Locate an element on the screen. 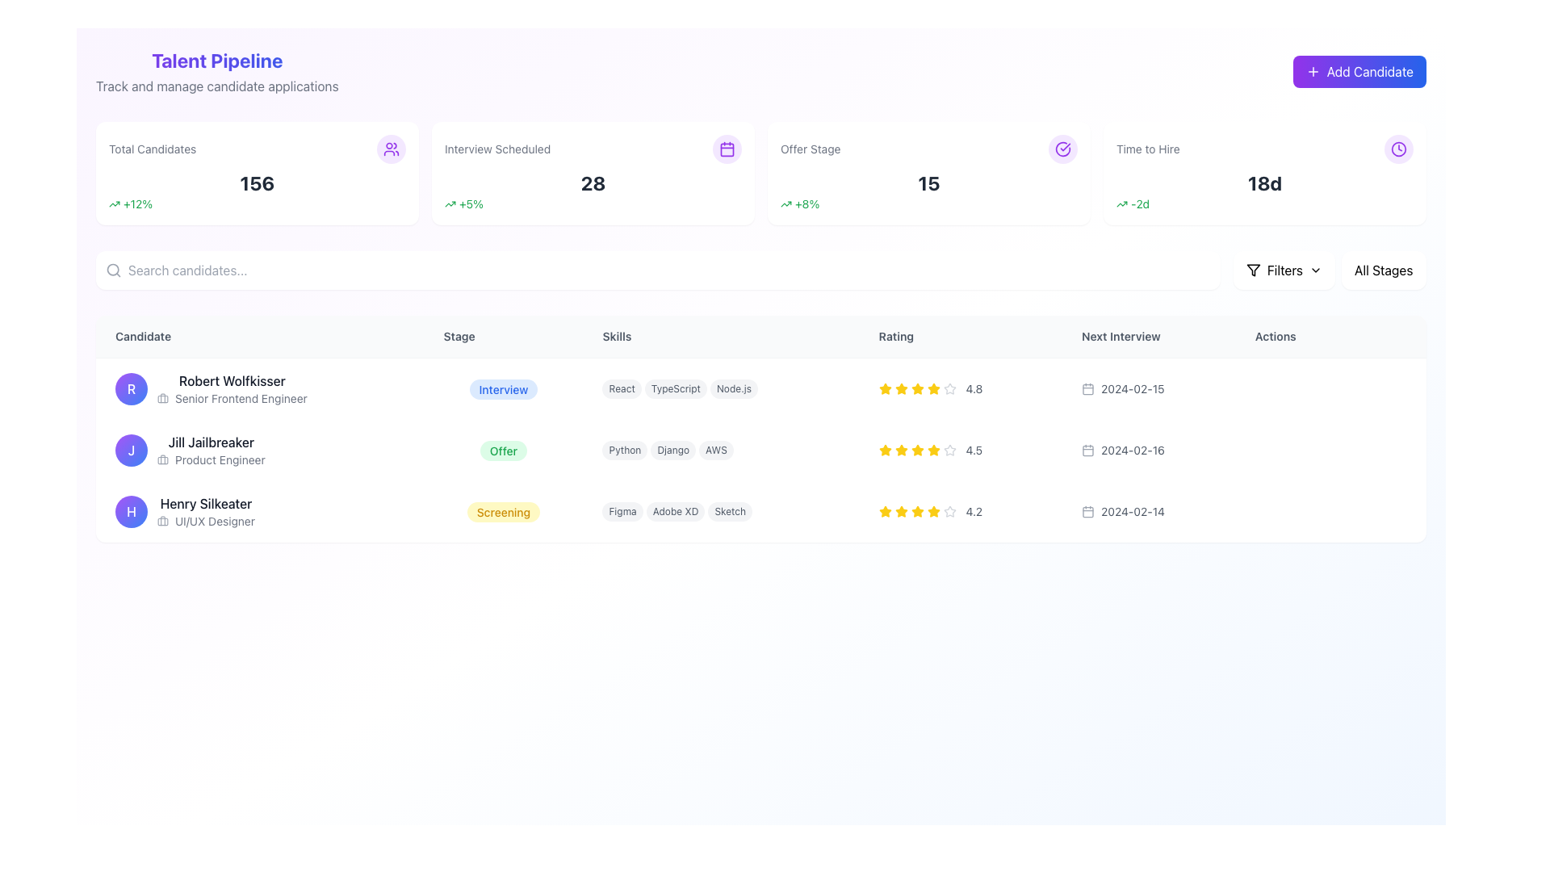 The image size is (1550, 872). upward-trending arrow icon adjacent to the small green text '-2d' located below the bold '18d' text in the 'Time to Hire' section is located at coordinates (1263, 203).